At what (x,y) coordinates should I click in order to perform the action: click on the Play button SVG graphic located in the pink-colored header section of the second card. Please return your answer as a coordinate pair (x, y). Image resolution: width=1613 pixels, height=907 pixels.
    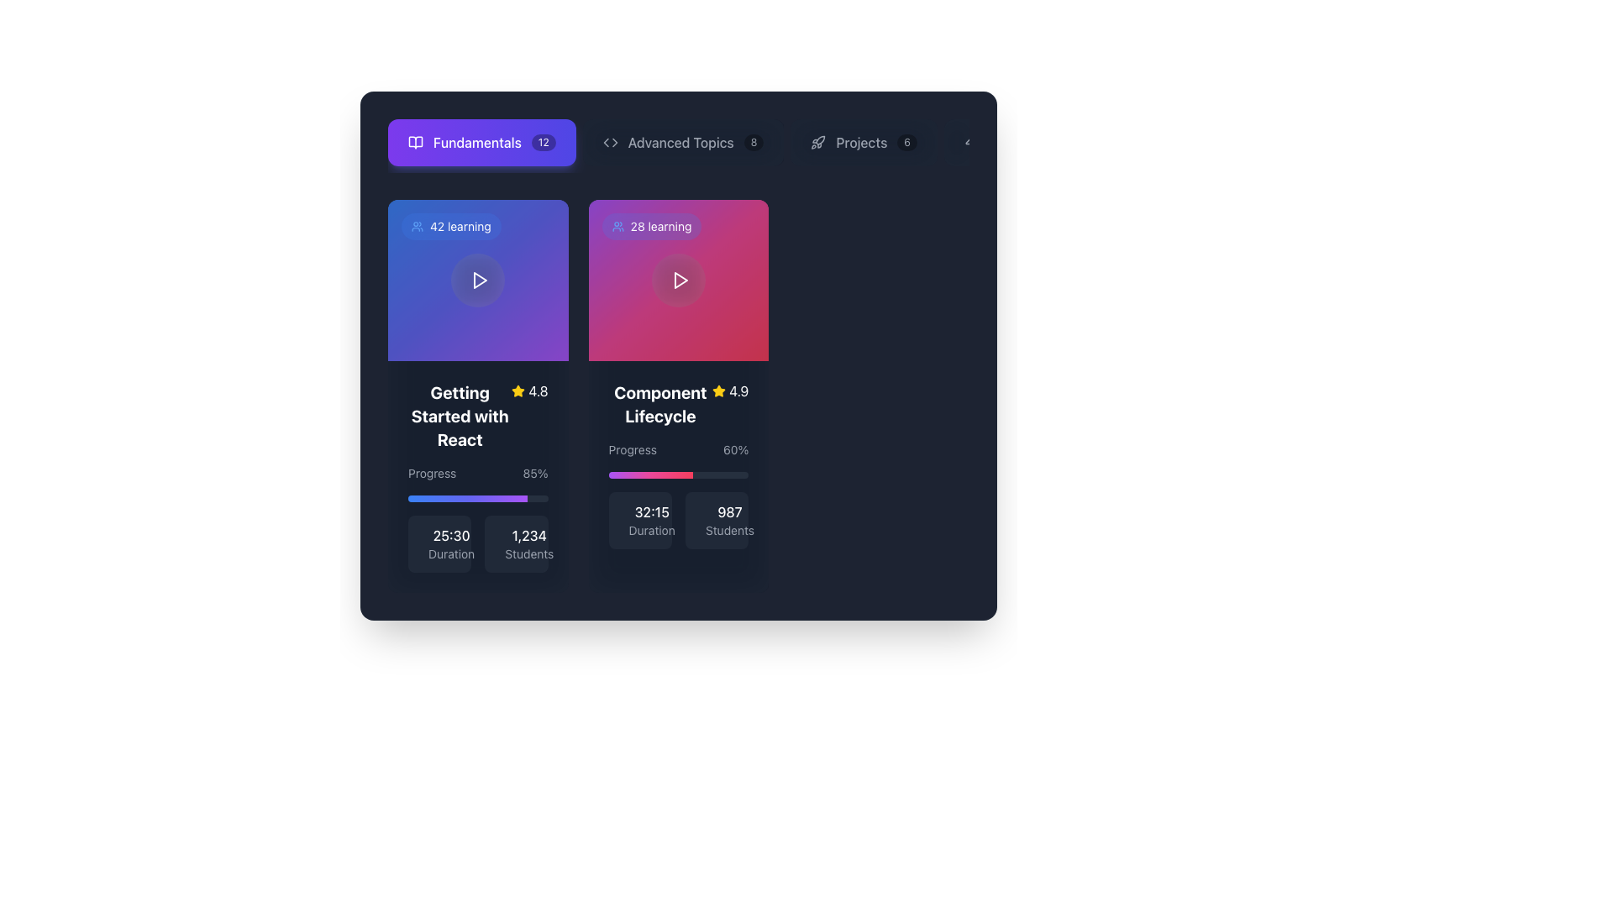
    Looking at the image, I should click on (681, 280).